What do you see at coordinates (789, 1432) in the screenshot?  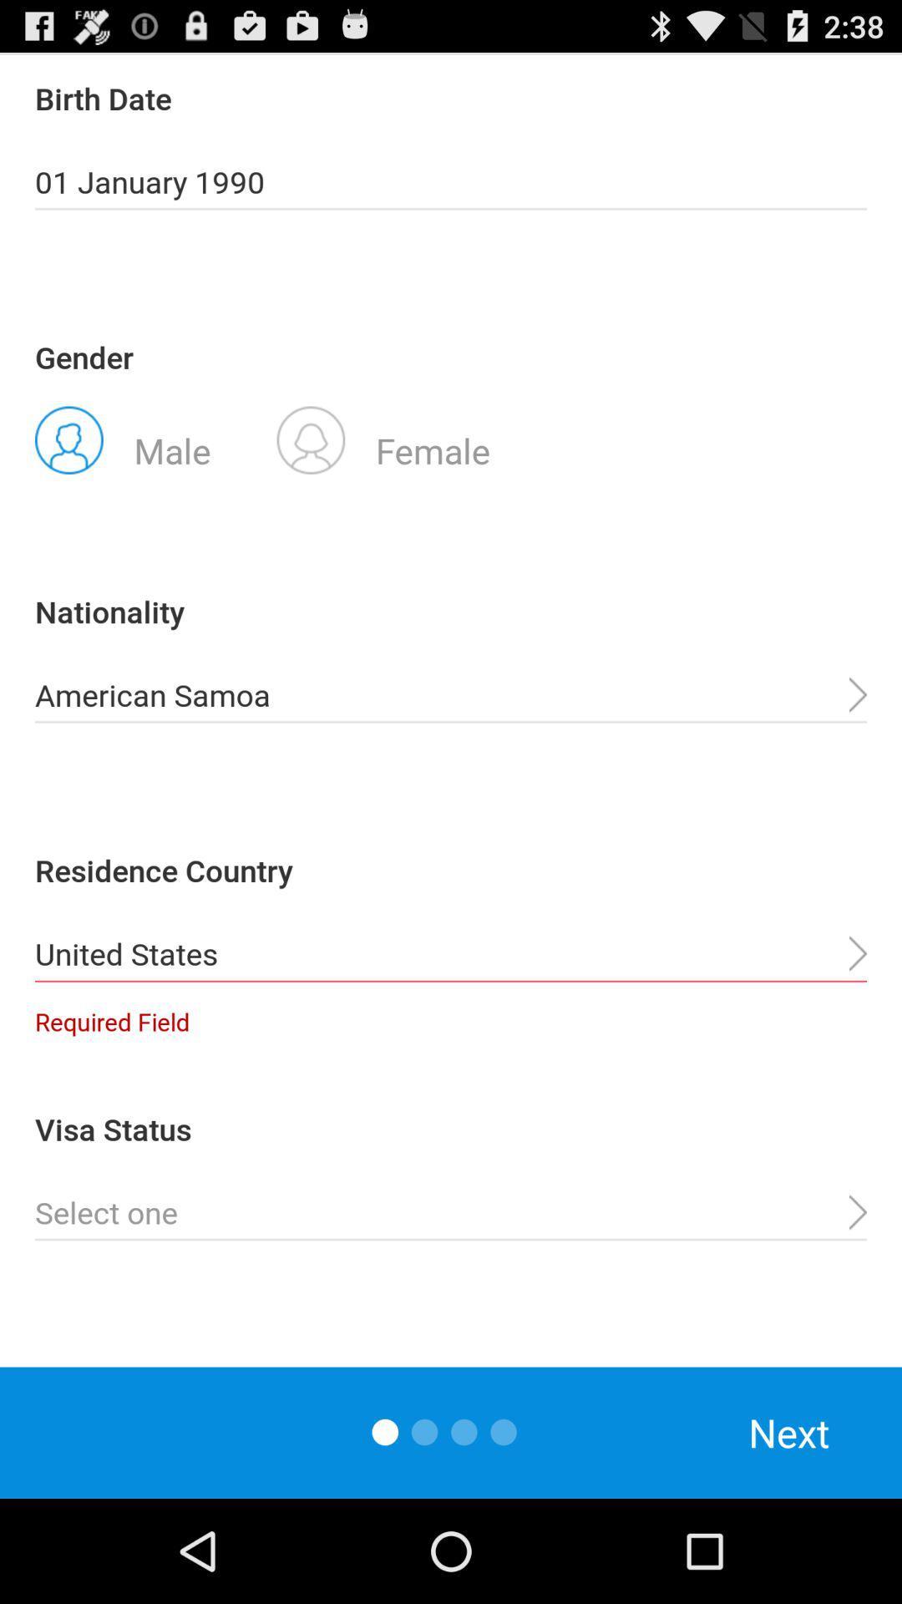 I see `the next item` at bounding box center [789, 1432].